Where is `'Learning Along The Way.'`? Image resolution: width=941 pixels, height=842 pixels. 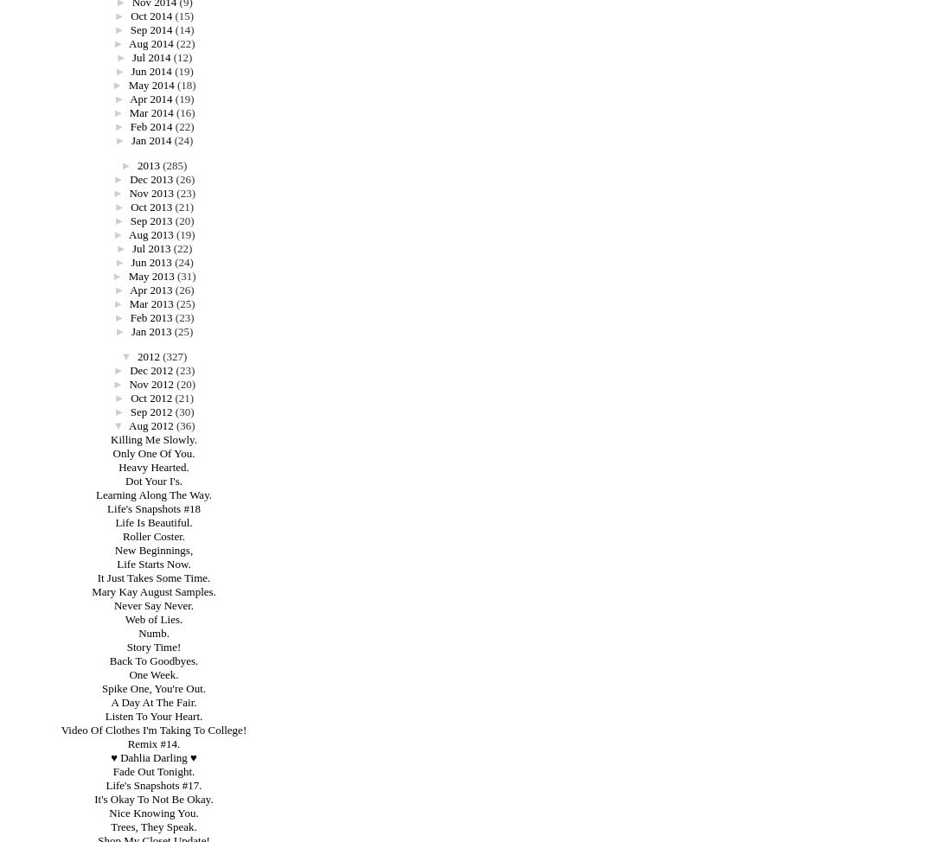
'Learning Along The Way.' is located at coordinates (152, 494).